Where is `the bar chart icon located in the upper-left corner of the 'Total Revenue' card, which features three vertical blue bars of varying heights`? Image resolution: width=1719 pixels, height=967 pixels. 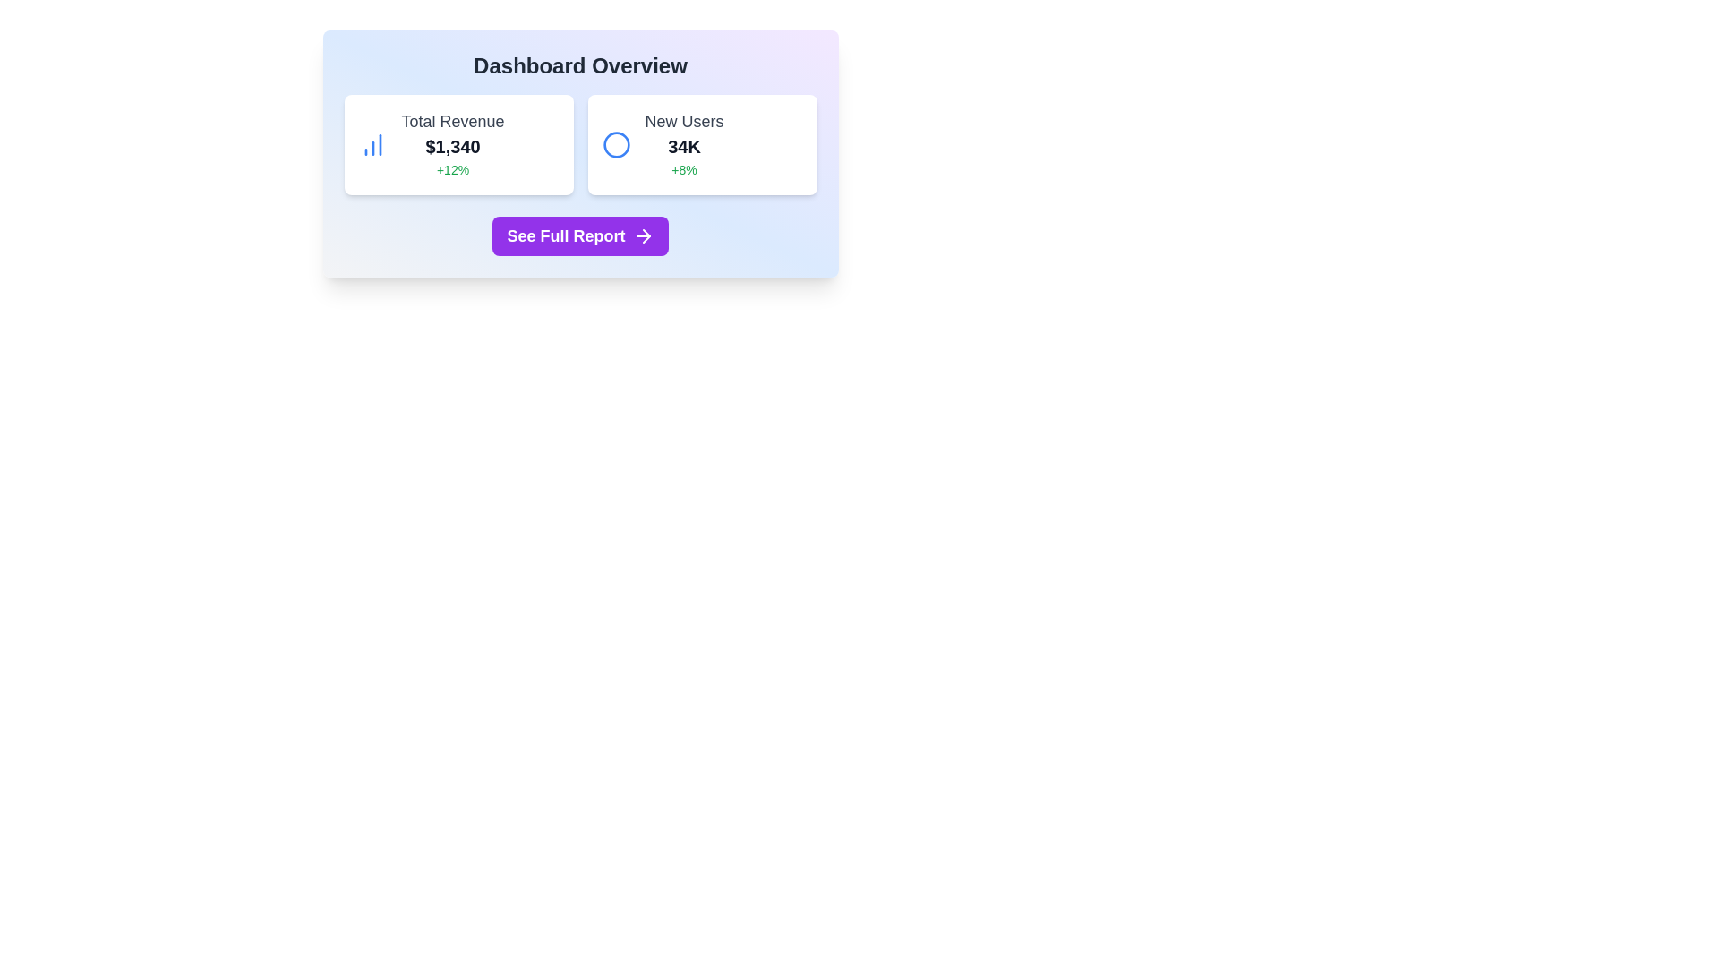
the bar chart icon located in the upper-left corner of the 'Total Revenue' card, which features three vertical blue bars of varying heights is located at coordinates (372, 144).